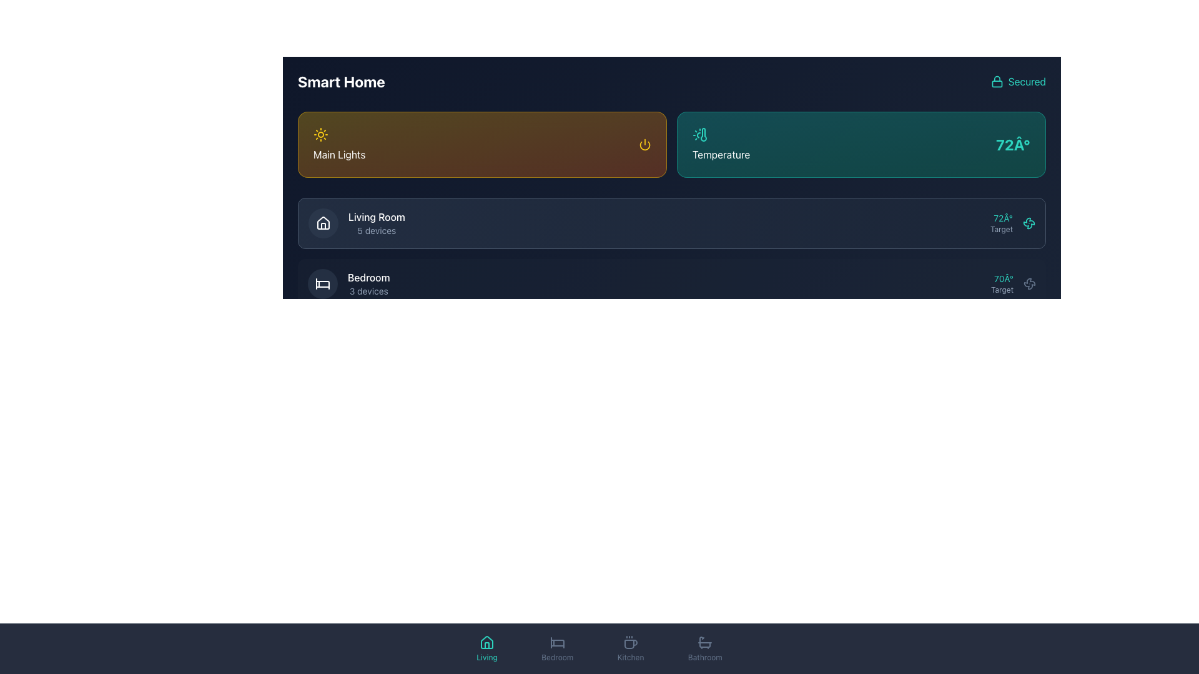  What do you see at coordinates (1002, 284) in the screenshot?
I see `the Text Label displaying '70Â°' in teal and 'Target' in grey, located in the lower-right corner of the 'Bedroom' temperature settings widget` at bounding box center [1002, 284].